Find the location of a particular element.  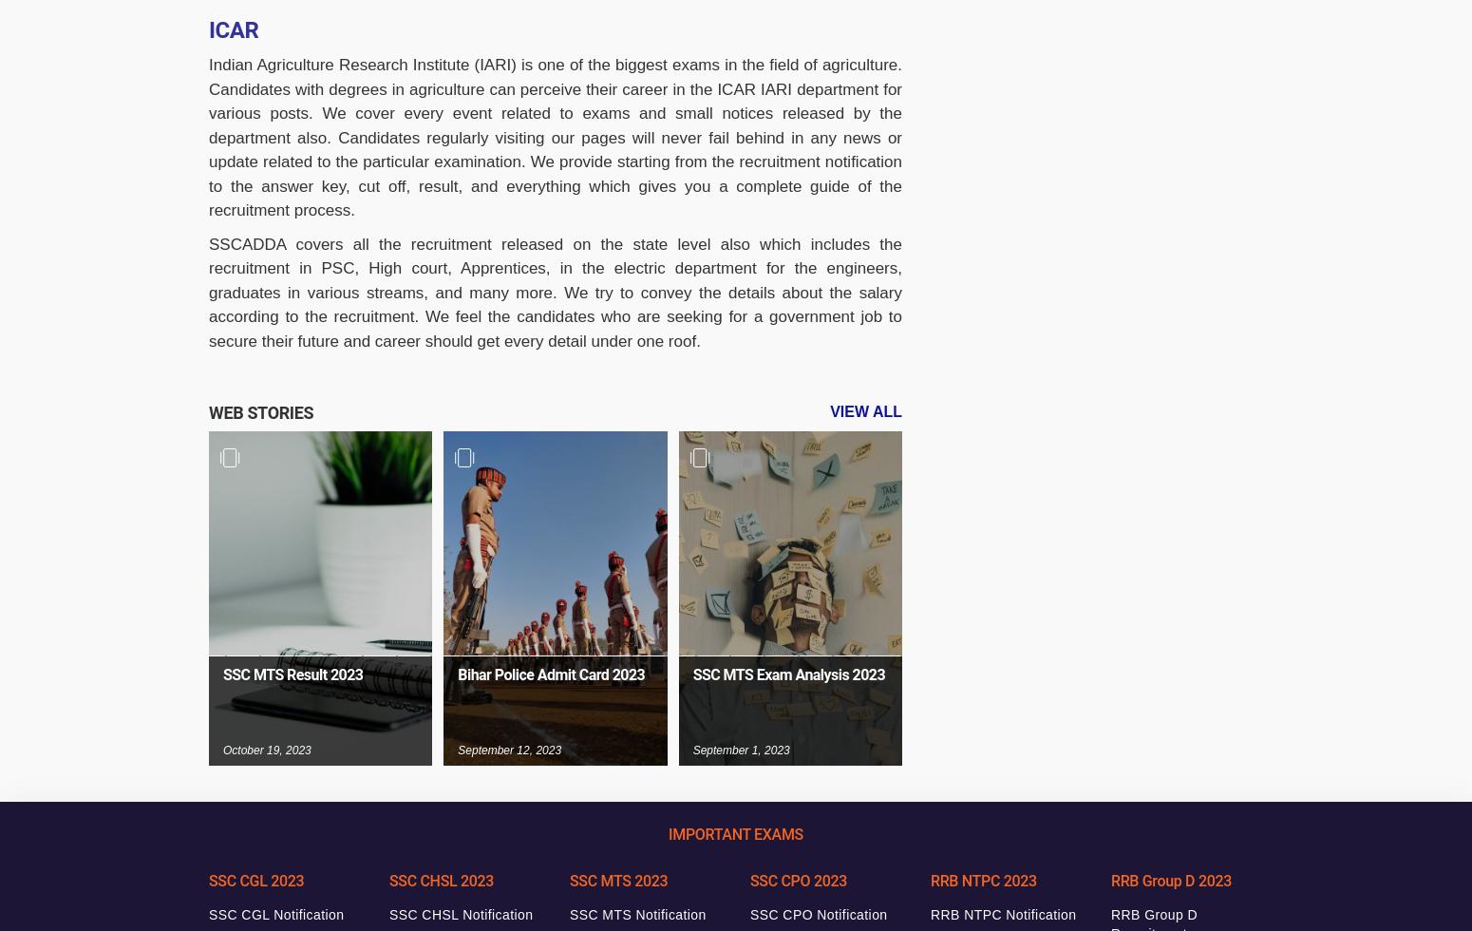

'SSC CPO Notification' is located at coordinates (818, 915).